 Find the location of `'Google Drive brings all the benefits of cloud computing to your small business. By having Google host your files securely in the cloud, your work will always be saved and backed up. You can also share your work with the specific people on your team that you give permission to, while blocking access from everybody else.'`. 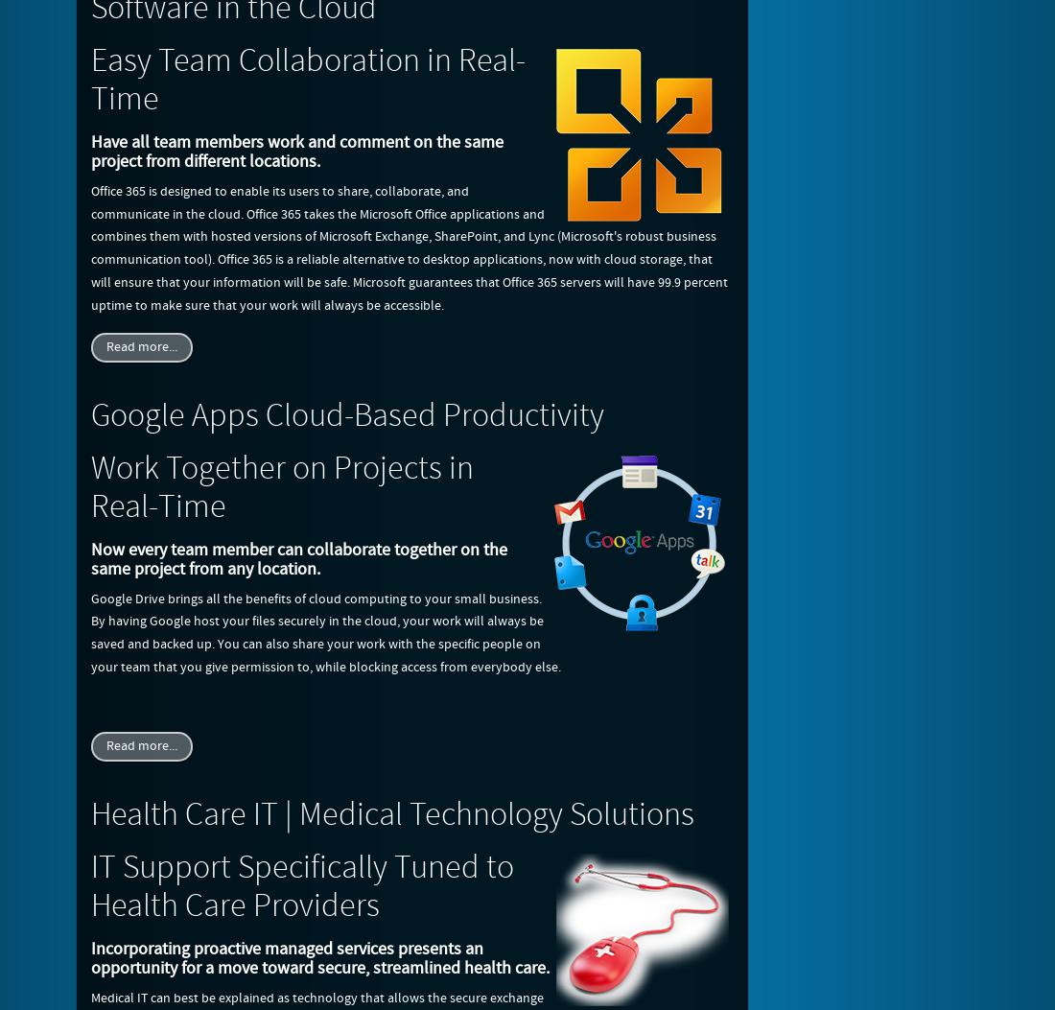

'Google Drive brings all the benefits of cloud computing to your small business. By having Google host your files securely in the cloud, your work will always be saved and backed up. You can also share your work with the specific people on your team that you give permission to, while blocking access from everybody else.' is located at coordinates (325, 631).